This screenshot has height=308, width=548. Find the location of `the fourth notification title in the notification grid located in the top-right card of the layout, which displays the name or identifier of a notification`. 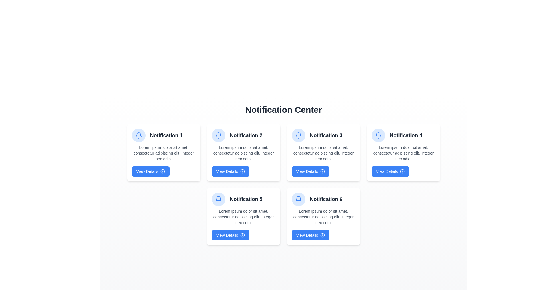

the fourth notification title in the notification grid located in the top-right card of the layout, which displays the name or identifier of a notification is located at coordinates (406, 135).